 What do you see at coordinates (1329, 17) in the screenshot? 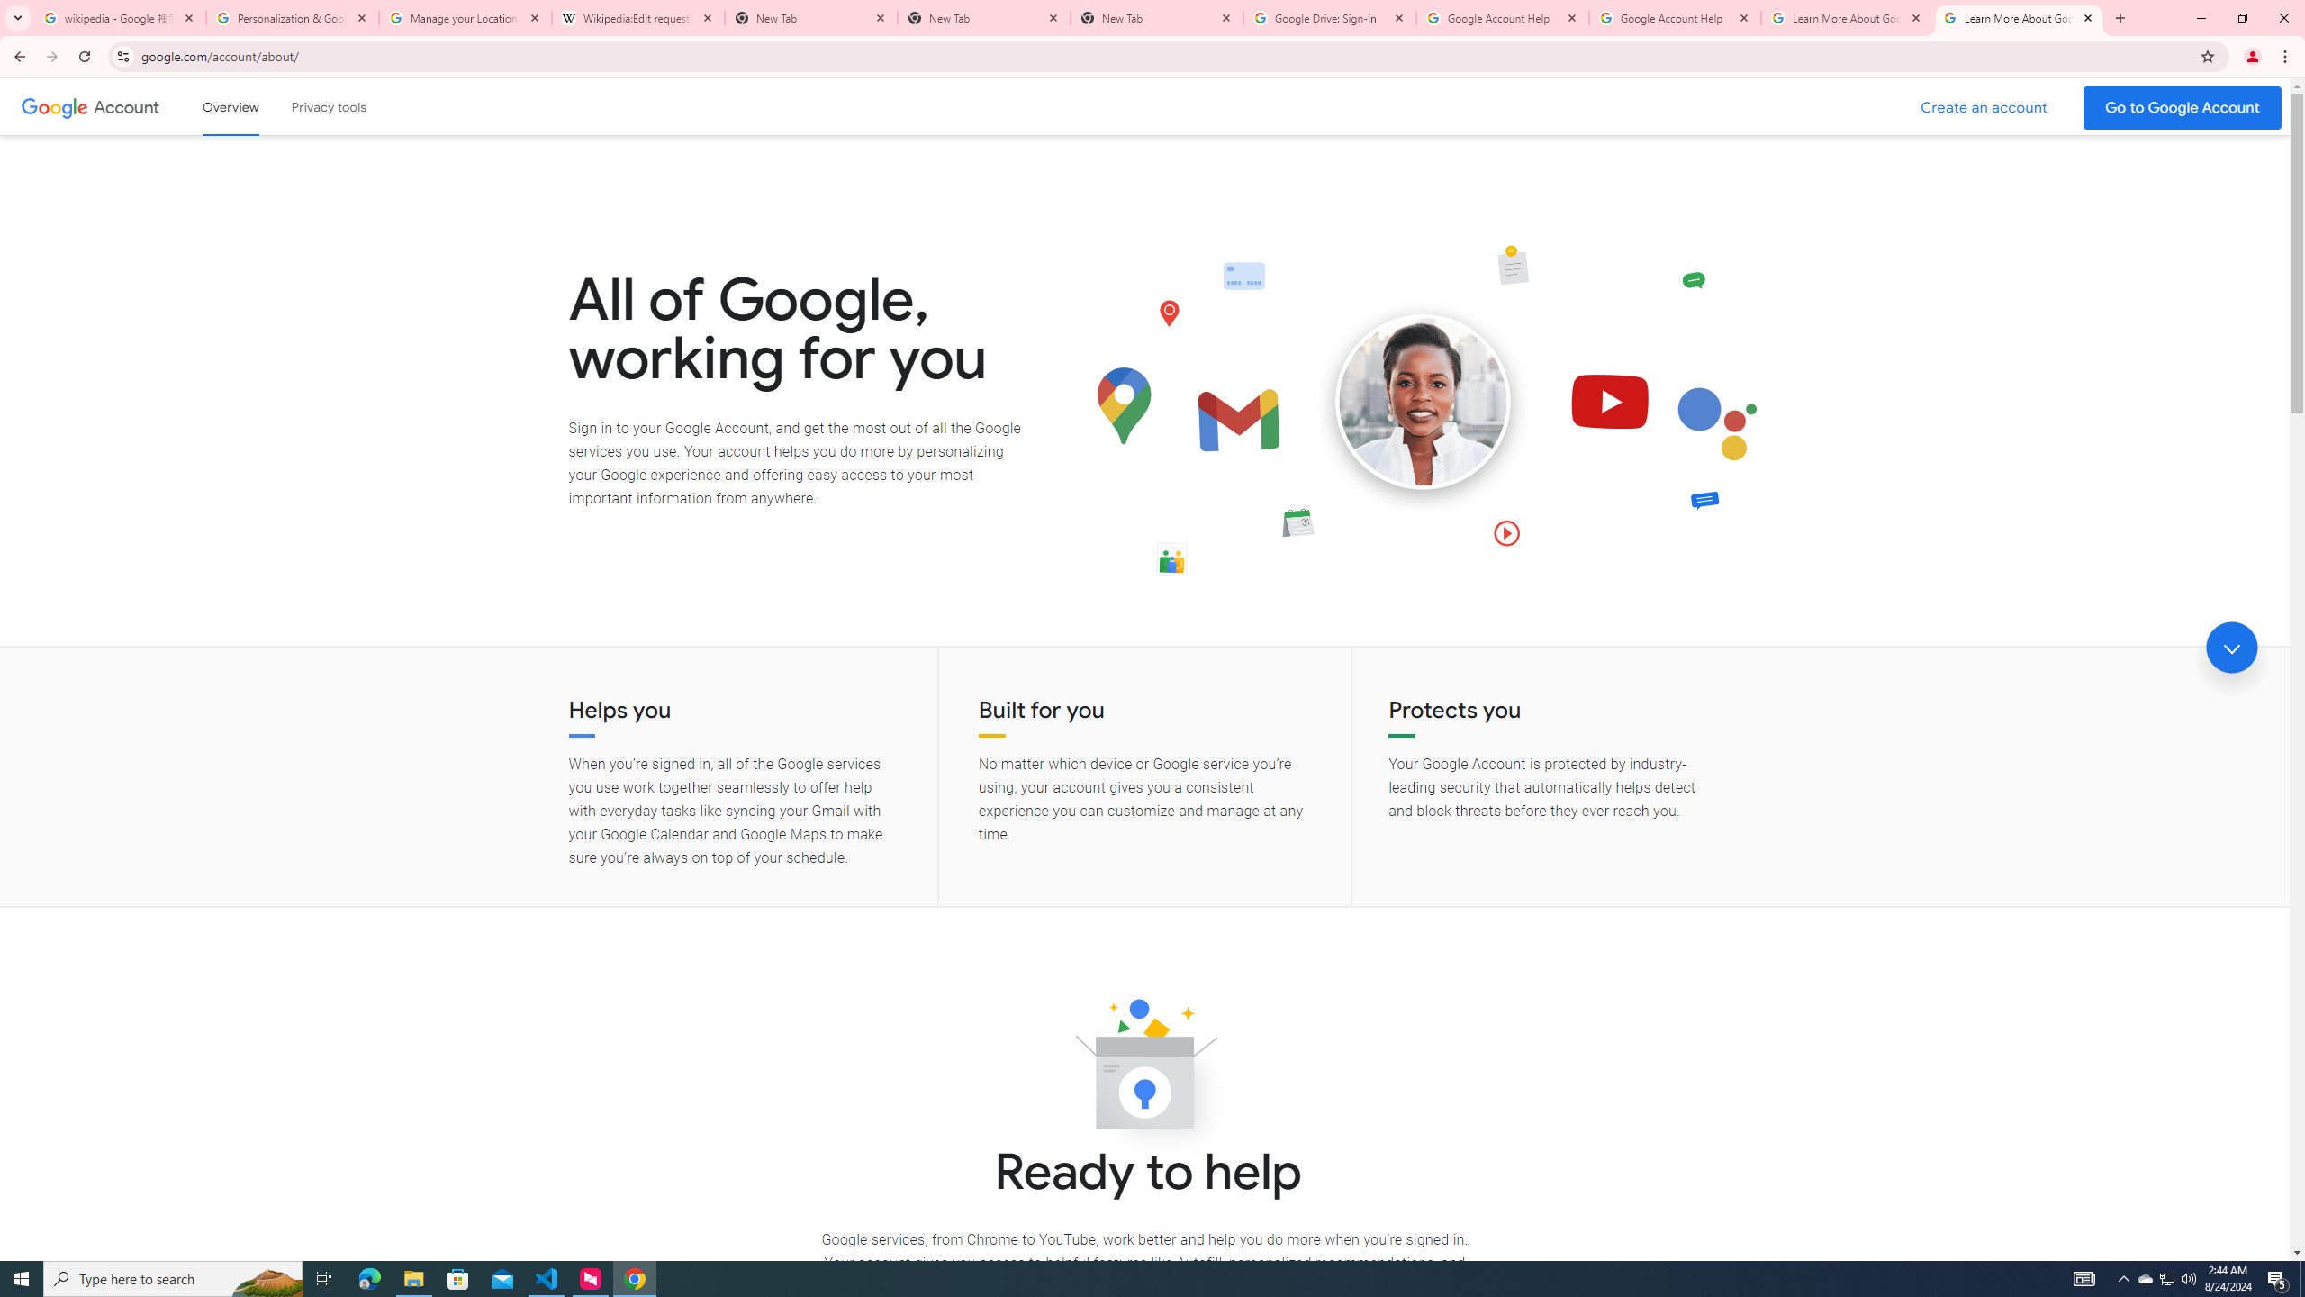
I see `'Google Drive: Sign-in'` at bounding box center [1329, 17].